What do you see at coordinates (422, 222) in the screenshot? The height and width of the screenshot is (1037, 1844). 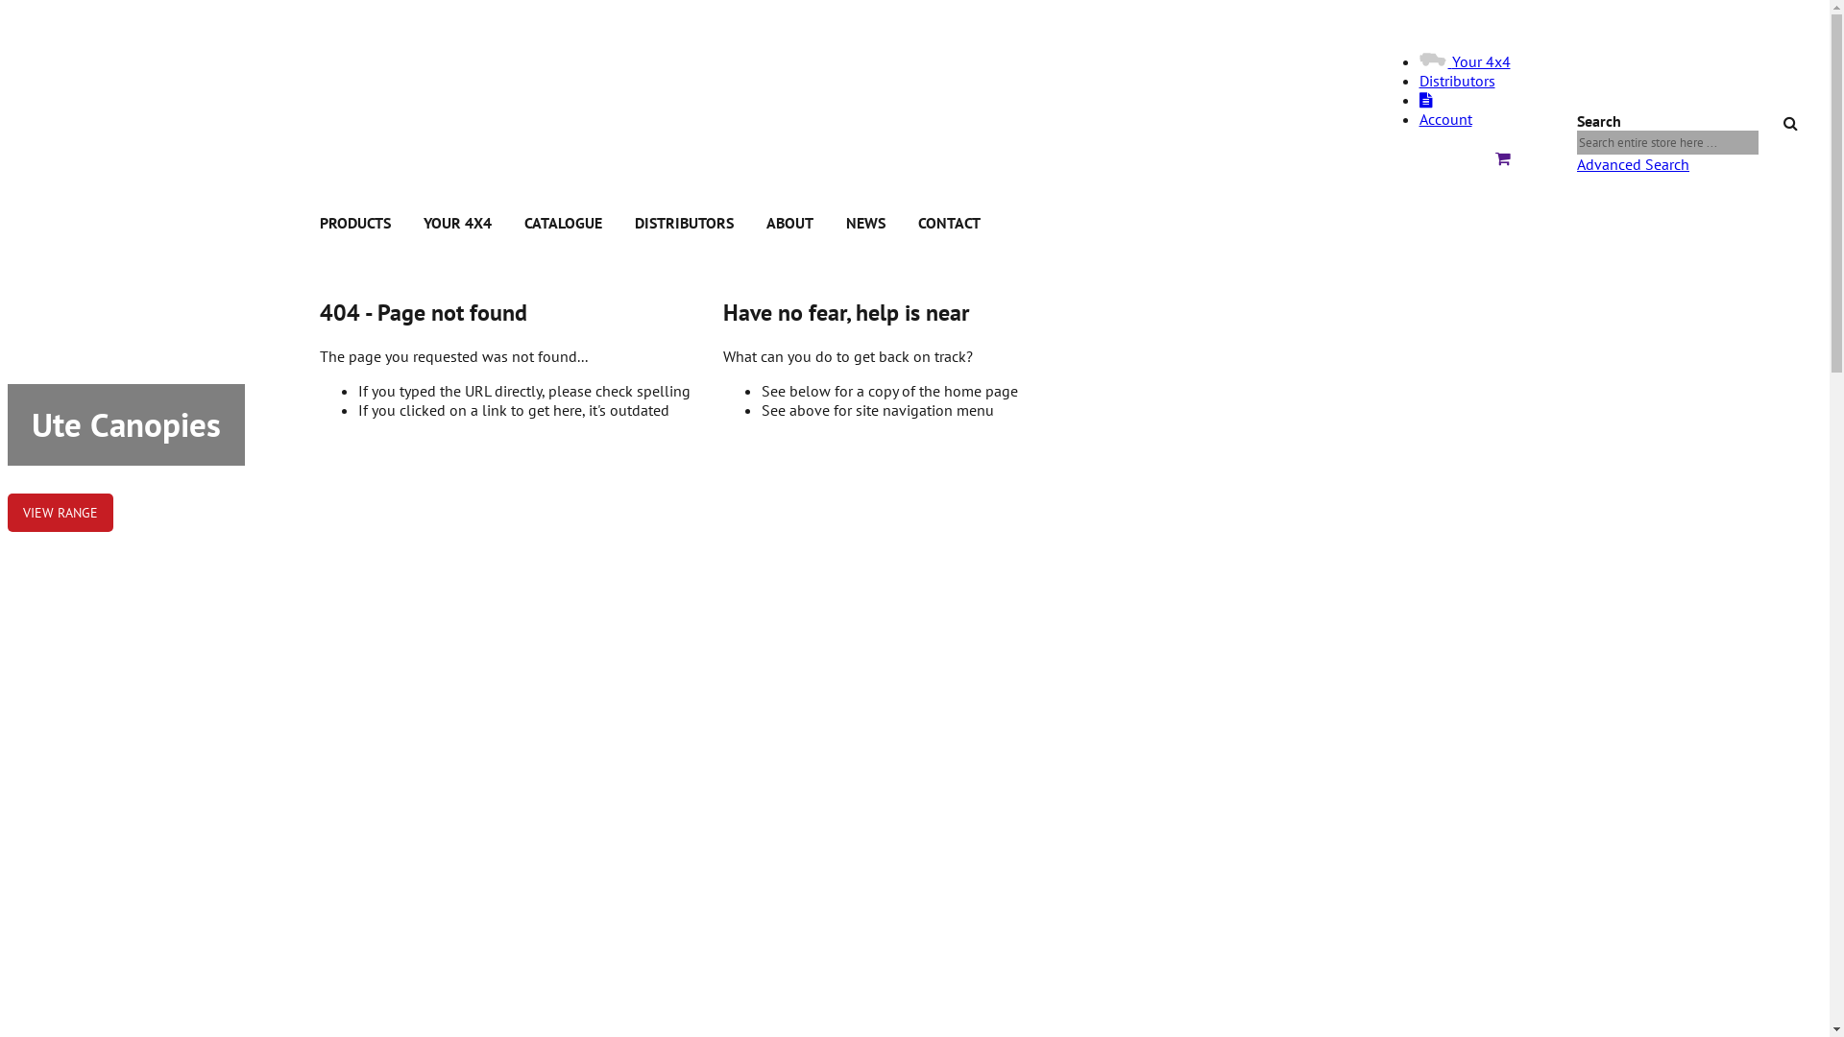 I see `'YOUR 4X4'` at bounding box center [422, 222].